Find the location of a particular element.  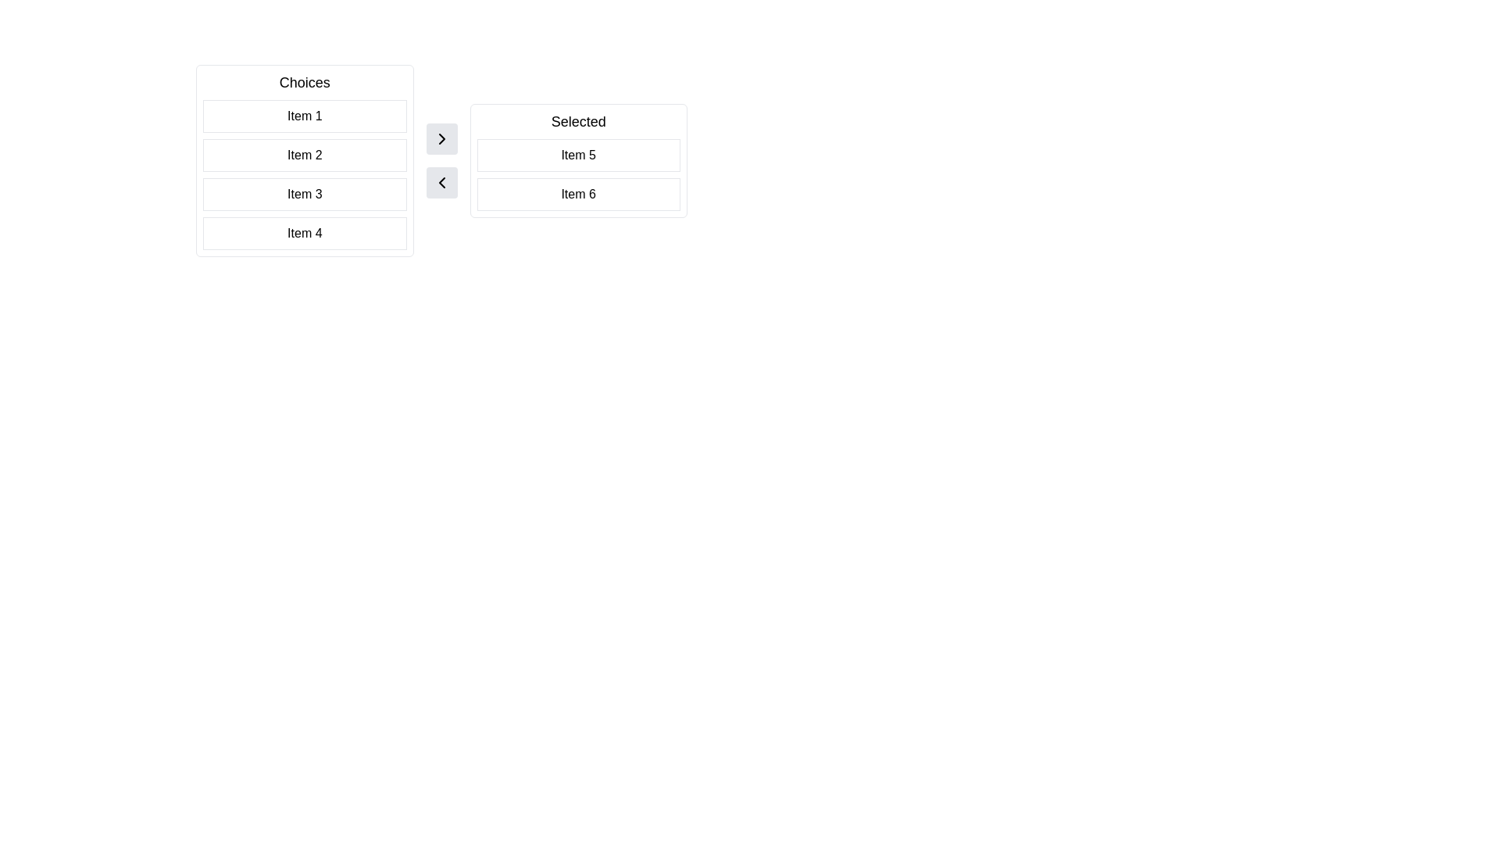

the Chevron Right icon, which is a monochrome arrow icon located inside the right button of the navigational controls between the 'Choices' and 'Selected' panels is located at coordinates (441, 138).